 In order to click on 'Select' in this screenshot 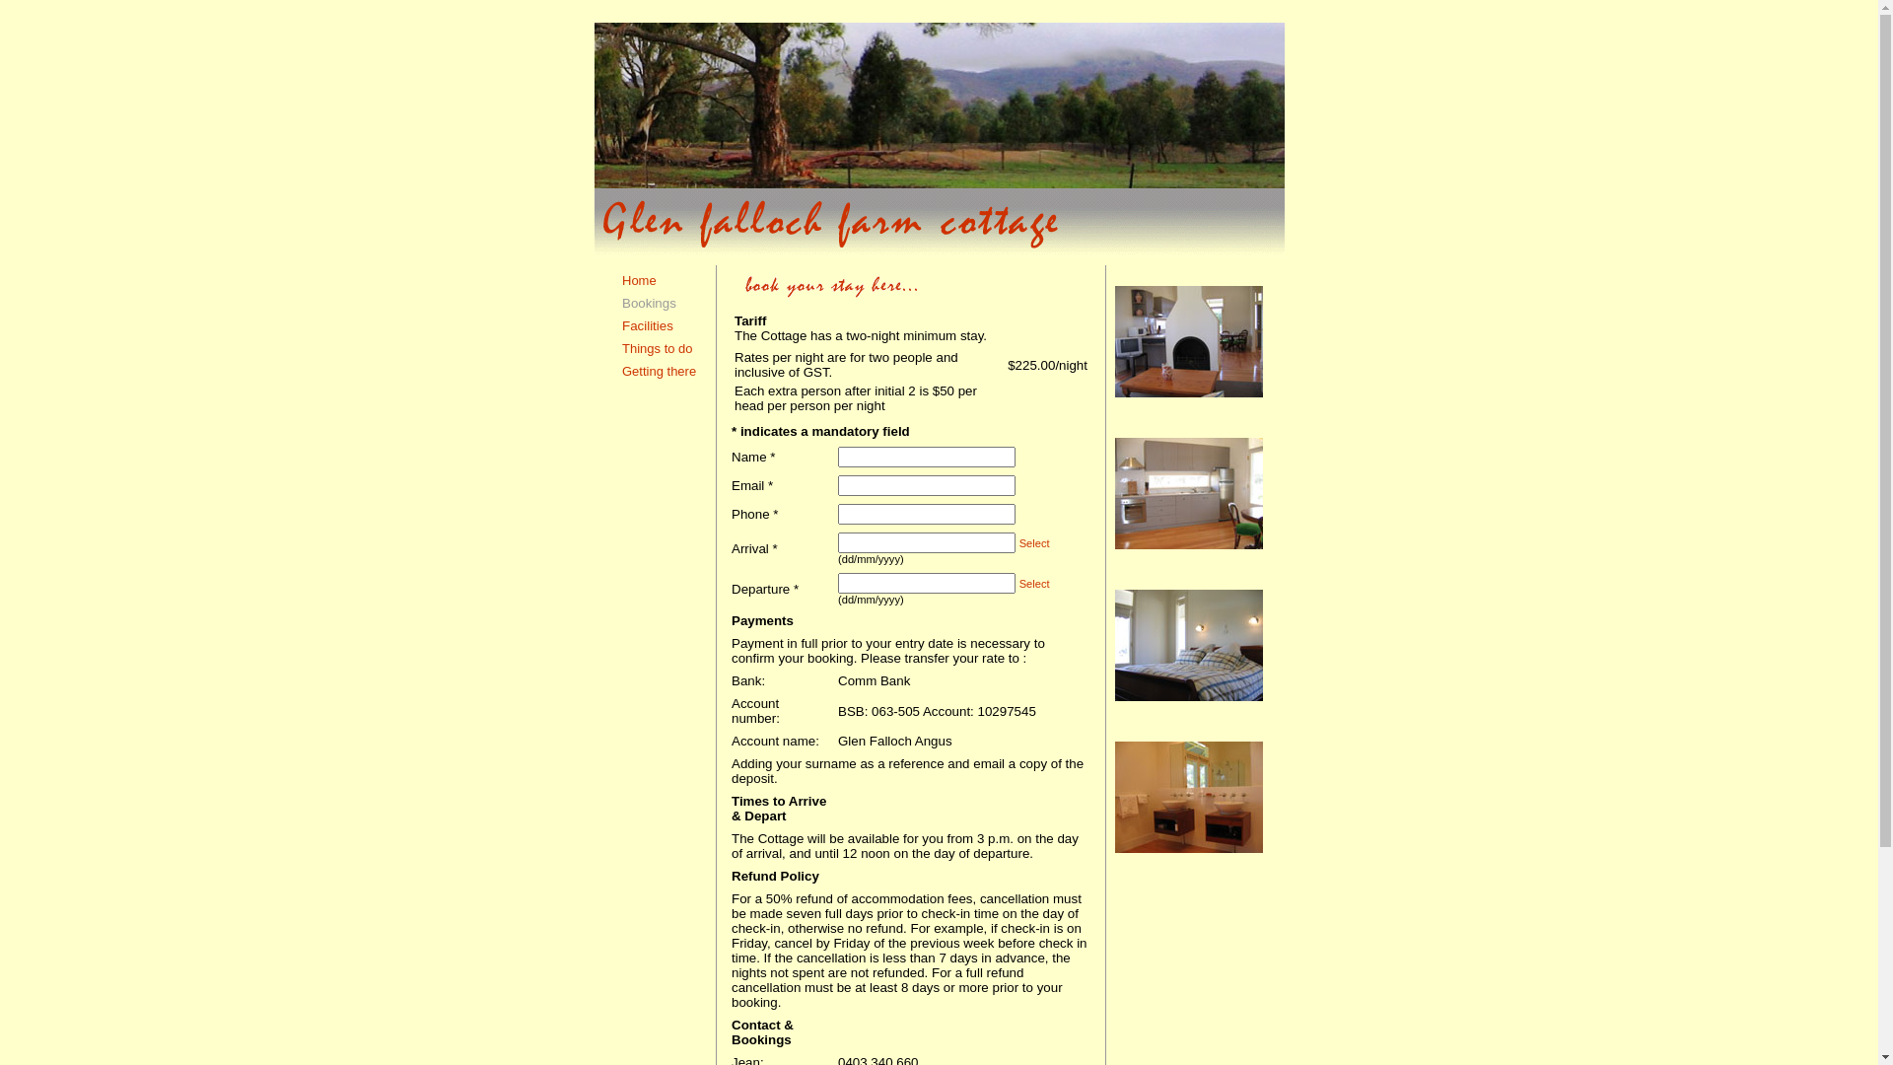, I will do `click(1033, 543)`.